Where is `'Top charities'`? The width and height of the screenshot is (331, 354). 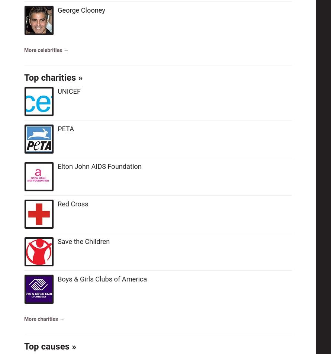
'Top charities' is located at coordinates (49, 77).